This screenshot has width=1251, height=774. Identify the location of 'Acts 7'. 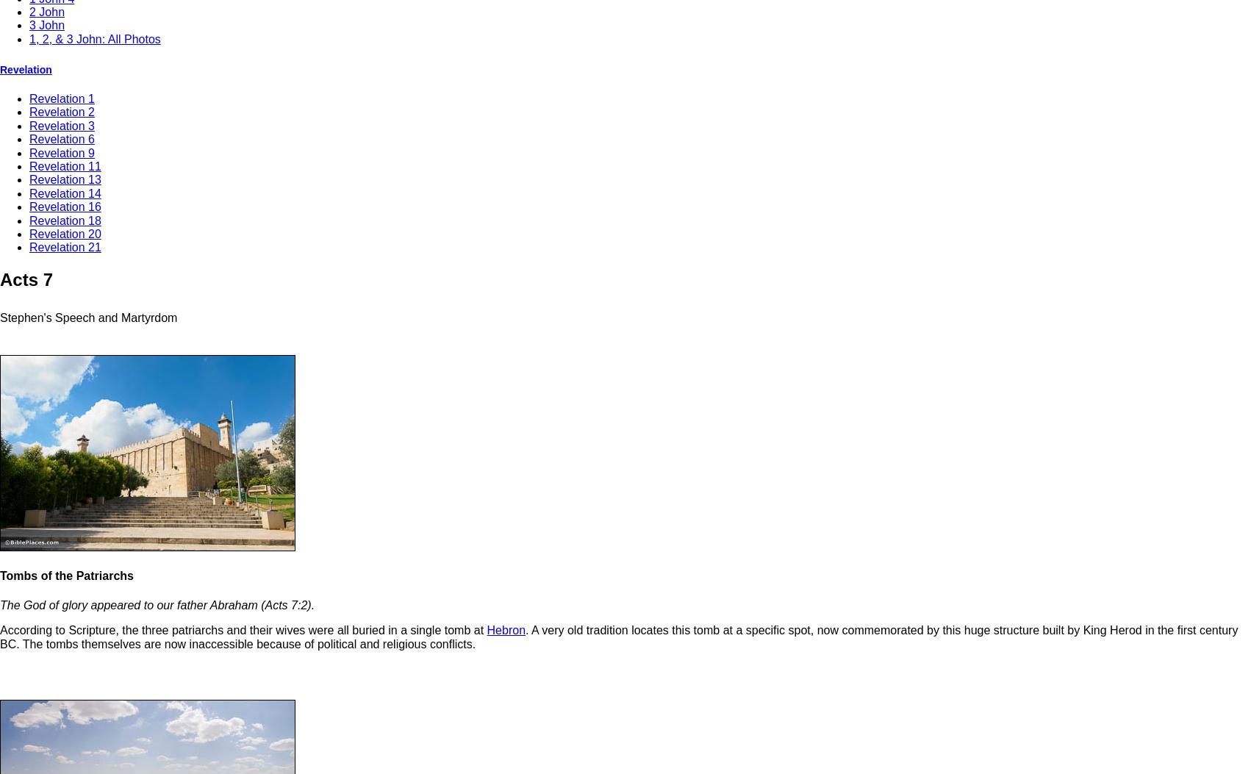
(26, 278).